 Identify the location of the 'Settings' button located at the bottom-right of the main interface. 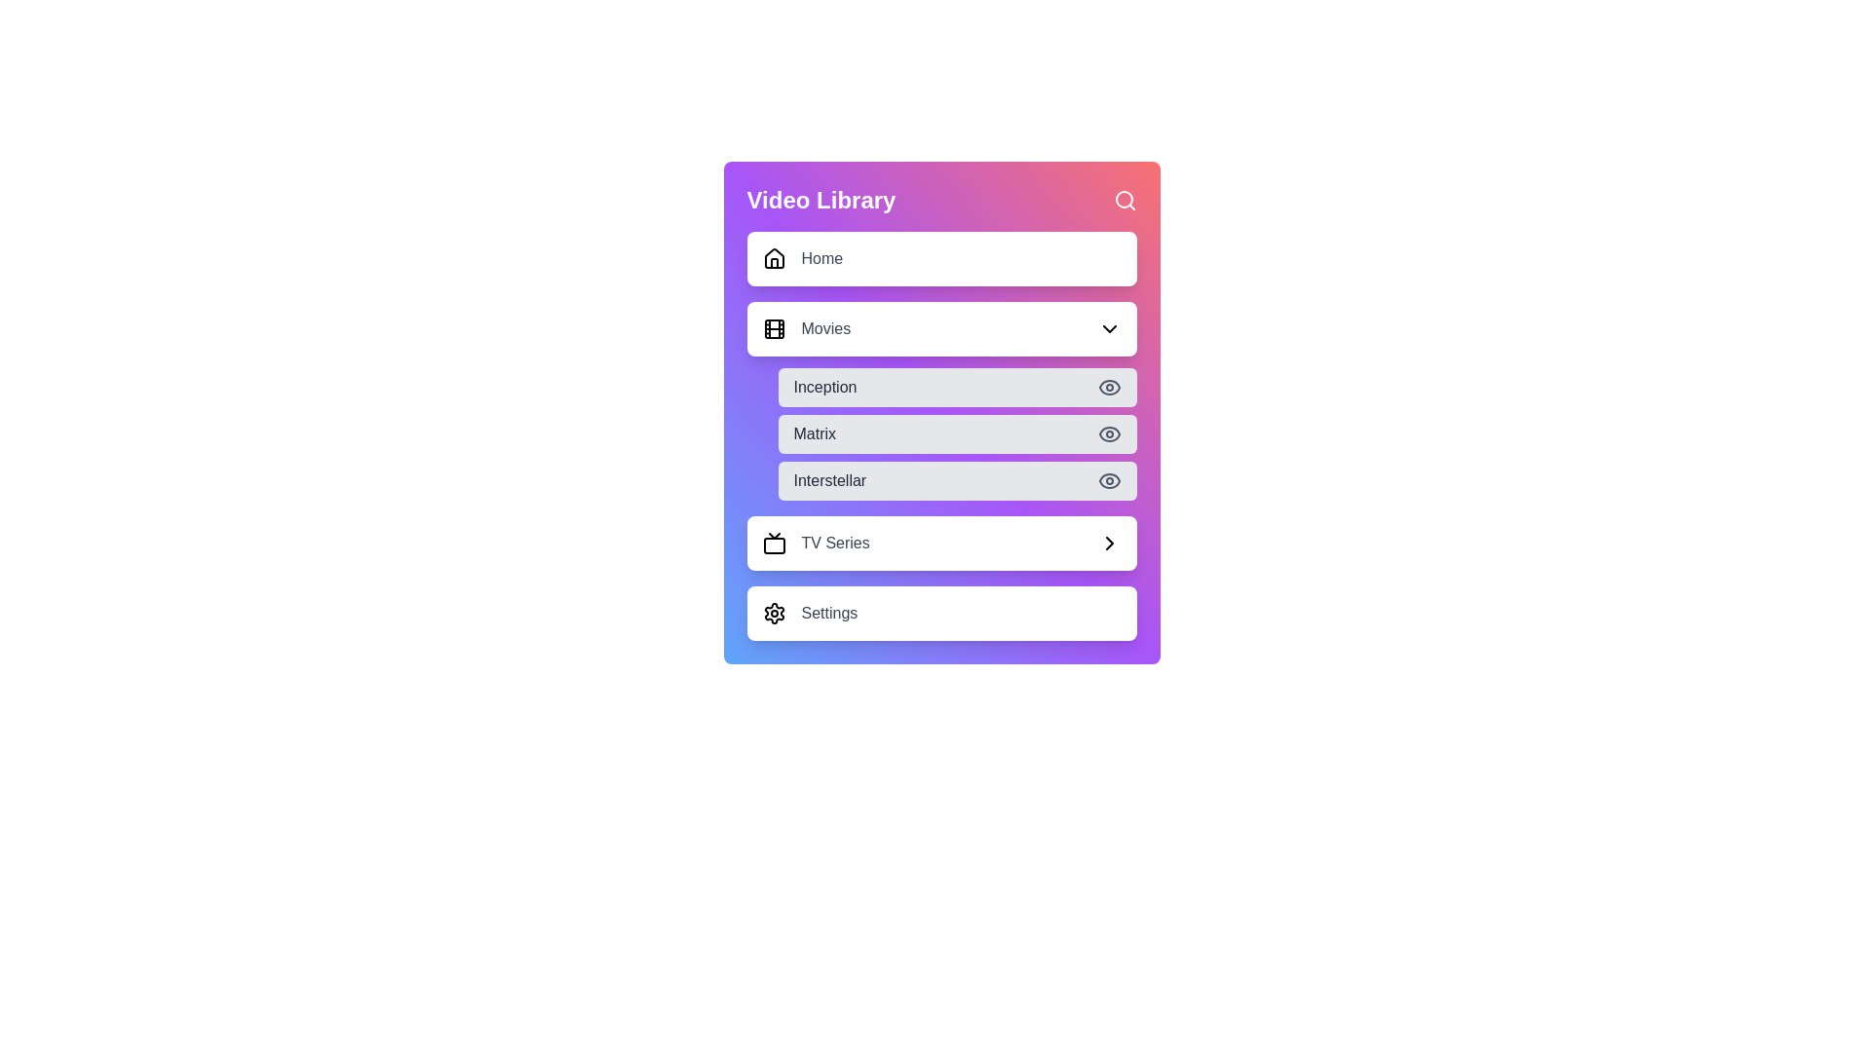
(810, 612).